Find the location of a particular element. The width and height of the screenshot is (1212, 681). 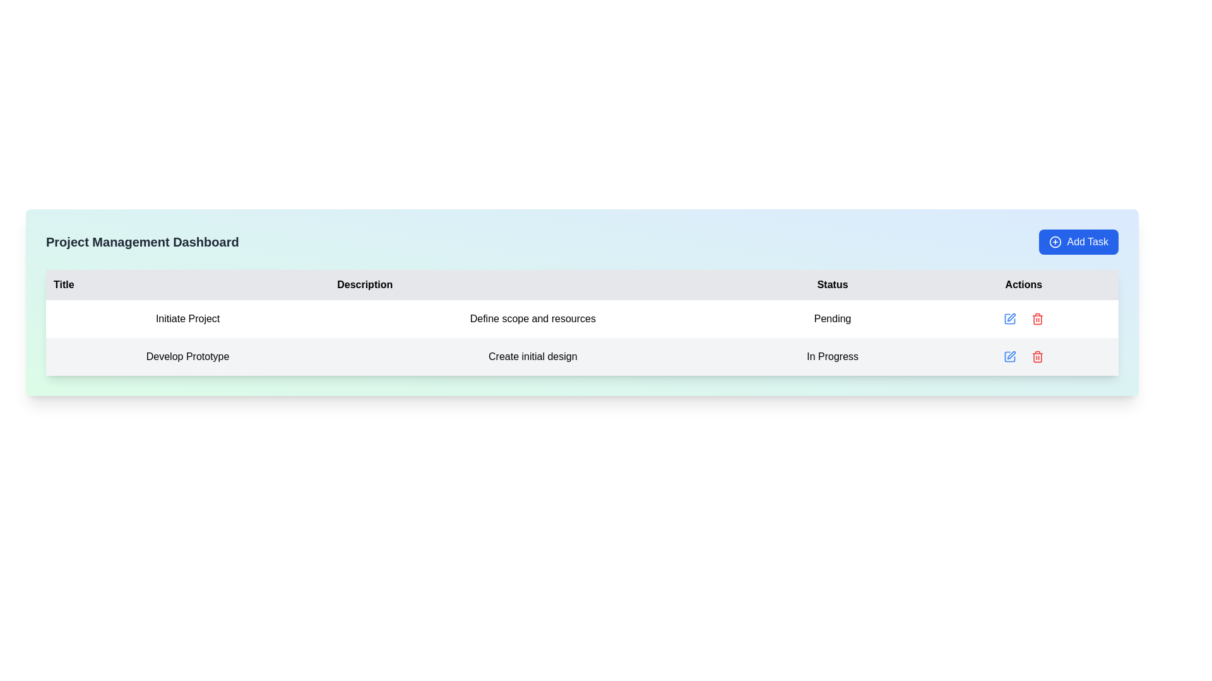

the delete icon button located in the 'Actions' section of the first row of the table, positioned to the right of the blue pen icon is located at coordinates (1037, 318).